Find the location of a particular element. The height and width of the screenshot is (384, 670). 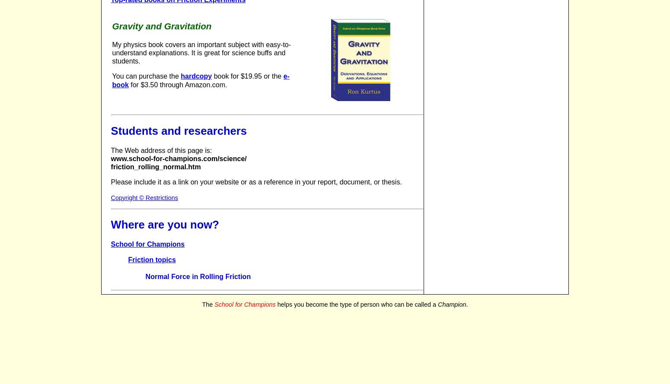

'Copyright © Restrictions' is located at coordinates (144, 197).